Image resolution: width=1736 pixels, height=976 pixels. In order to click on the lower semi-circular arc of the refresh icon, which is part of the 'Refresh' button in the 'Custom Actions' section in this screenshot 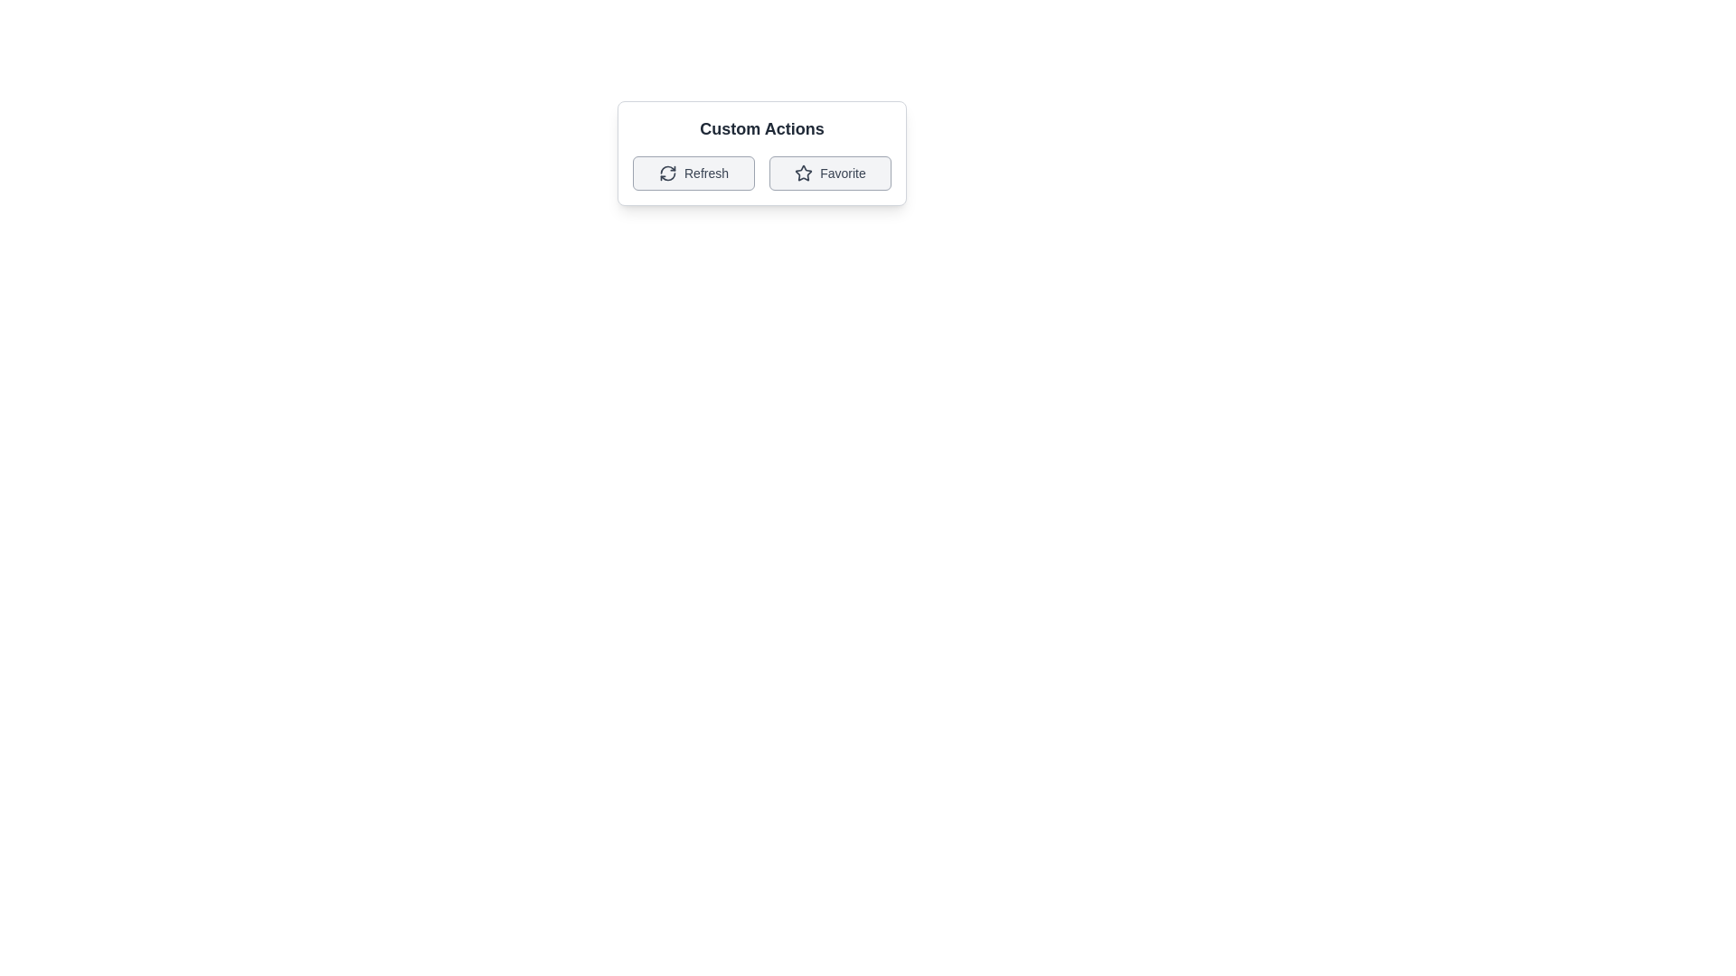, I will do `click(667, 176)`.